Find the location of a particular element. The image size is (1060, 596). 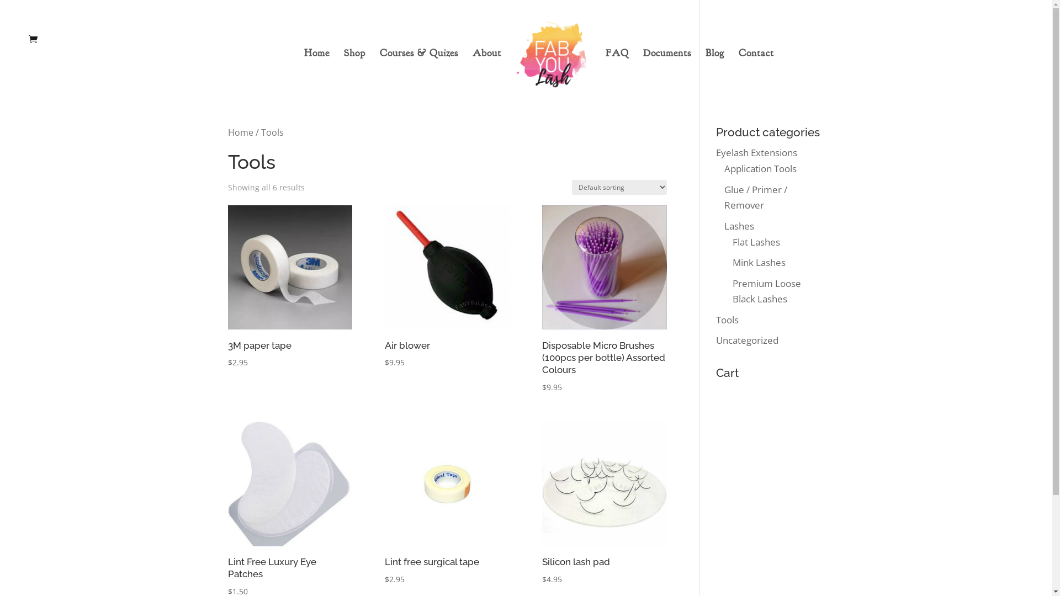

'Eyelash Extensions' is located at coordinates (715, 152).